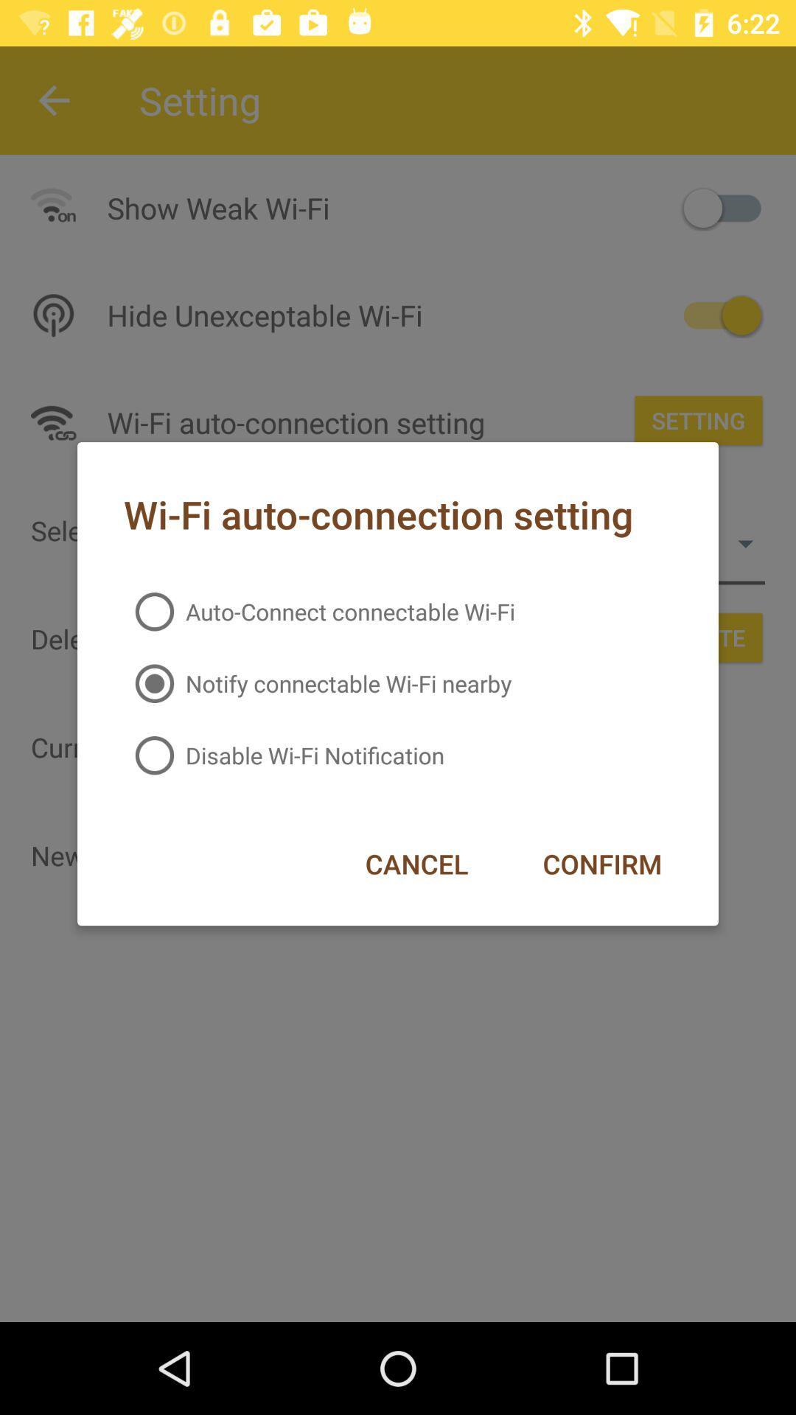 The image size is (796, 1415). What do you see at coordinates (602, 864) in the screenshot?
I see `confirm icon` at bounding box center [602, 864].